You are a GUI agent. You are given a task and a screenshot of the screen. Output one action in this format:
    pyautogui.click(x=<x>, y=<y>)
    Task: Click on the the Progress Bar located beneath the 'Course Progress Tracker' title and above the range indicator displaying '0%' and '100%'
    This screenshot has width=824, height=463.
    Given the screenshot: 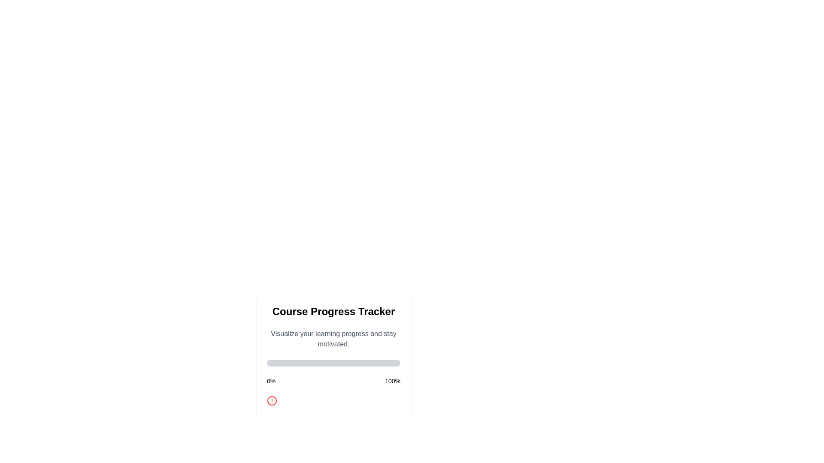 What is the action you would take?
    pyautogui.click(x=333, y=363)
    